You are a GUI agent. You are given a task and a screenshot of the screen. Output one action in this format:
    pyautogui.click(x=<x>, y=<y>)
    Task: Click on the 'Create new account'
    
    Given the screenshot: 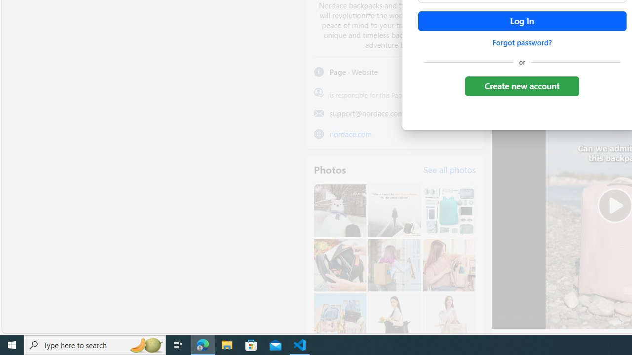 What is the action you would take?
    pyautogui.click(x=521, y=85)
    